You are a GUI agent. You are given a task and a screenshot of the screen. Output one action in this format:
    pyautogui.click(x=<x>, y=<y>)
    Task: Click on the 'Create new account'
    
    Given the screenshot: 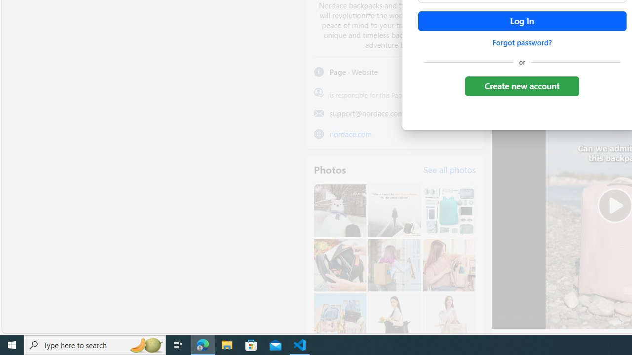 What is the action you would take?
    pyautogui.click(x=521, y=85)
    